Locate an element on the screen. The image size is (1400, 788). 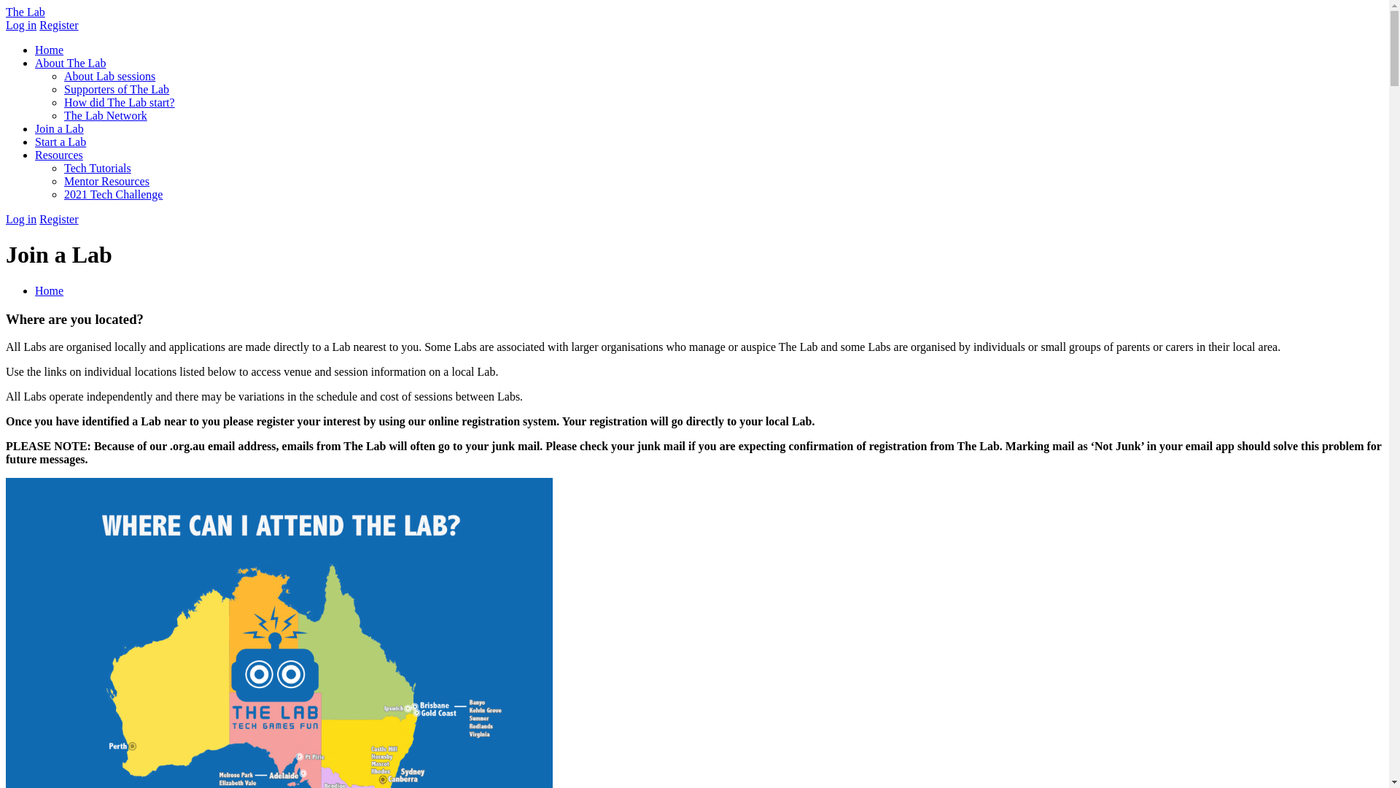
'Register' is located at coordinates (58, 25).